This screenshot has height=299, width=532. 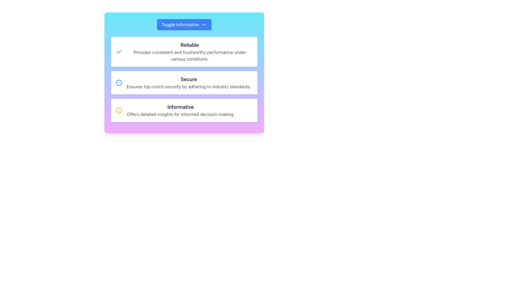 What do you see at coordinates (118, 51) in the screenshot?
I see `the success icon indicating correctness associated with the 'Reliable' label, located within the first list item of a card` at bounding box center [118, 51].